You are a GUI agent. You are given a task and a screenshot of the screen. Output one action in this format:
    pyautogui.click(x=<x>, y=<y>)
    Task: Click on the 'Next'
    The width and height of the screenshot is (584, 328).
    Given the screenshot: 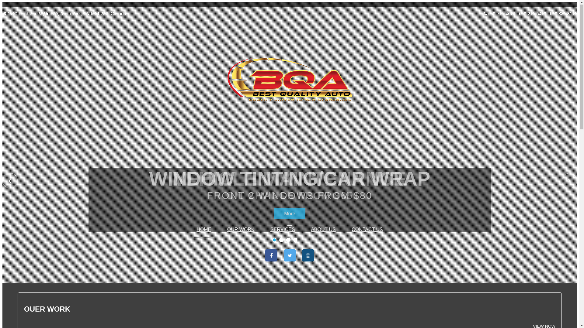 What is the action you would take?
    pyautogui.click(x=569, y=181)
    